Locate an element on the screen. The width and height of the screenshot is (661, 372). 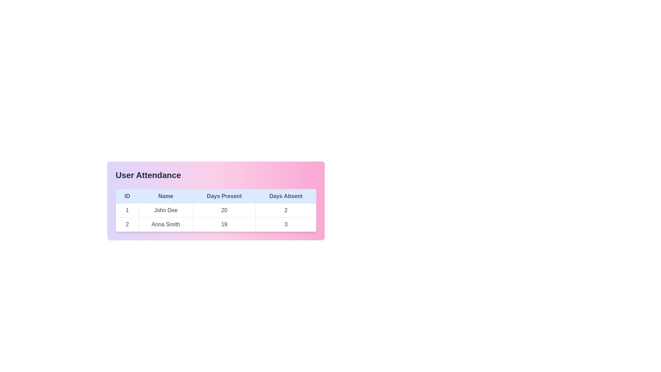
label of the table header cell containing the text 'Days Present', which is styled with a light blue background and dark-colored text is located at coordinates (224, 196).